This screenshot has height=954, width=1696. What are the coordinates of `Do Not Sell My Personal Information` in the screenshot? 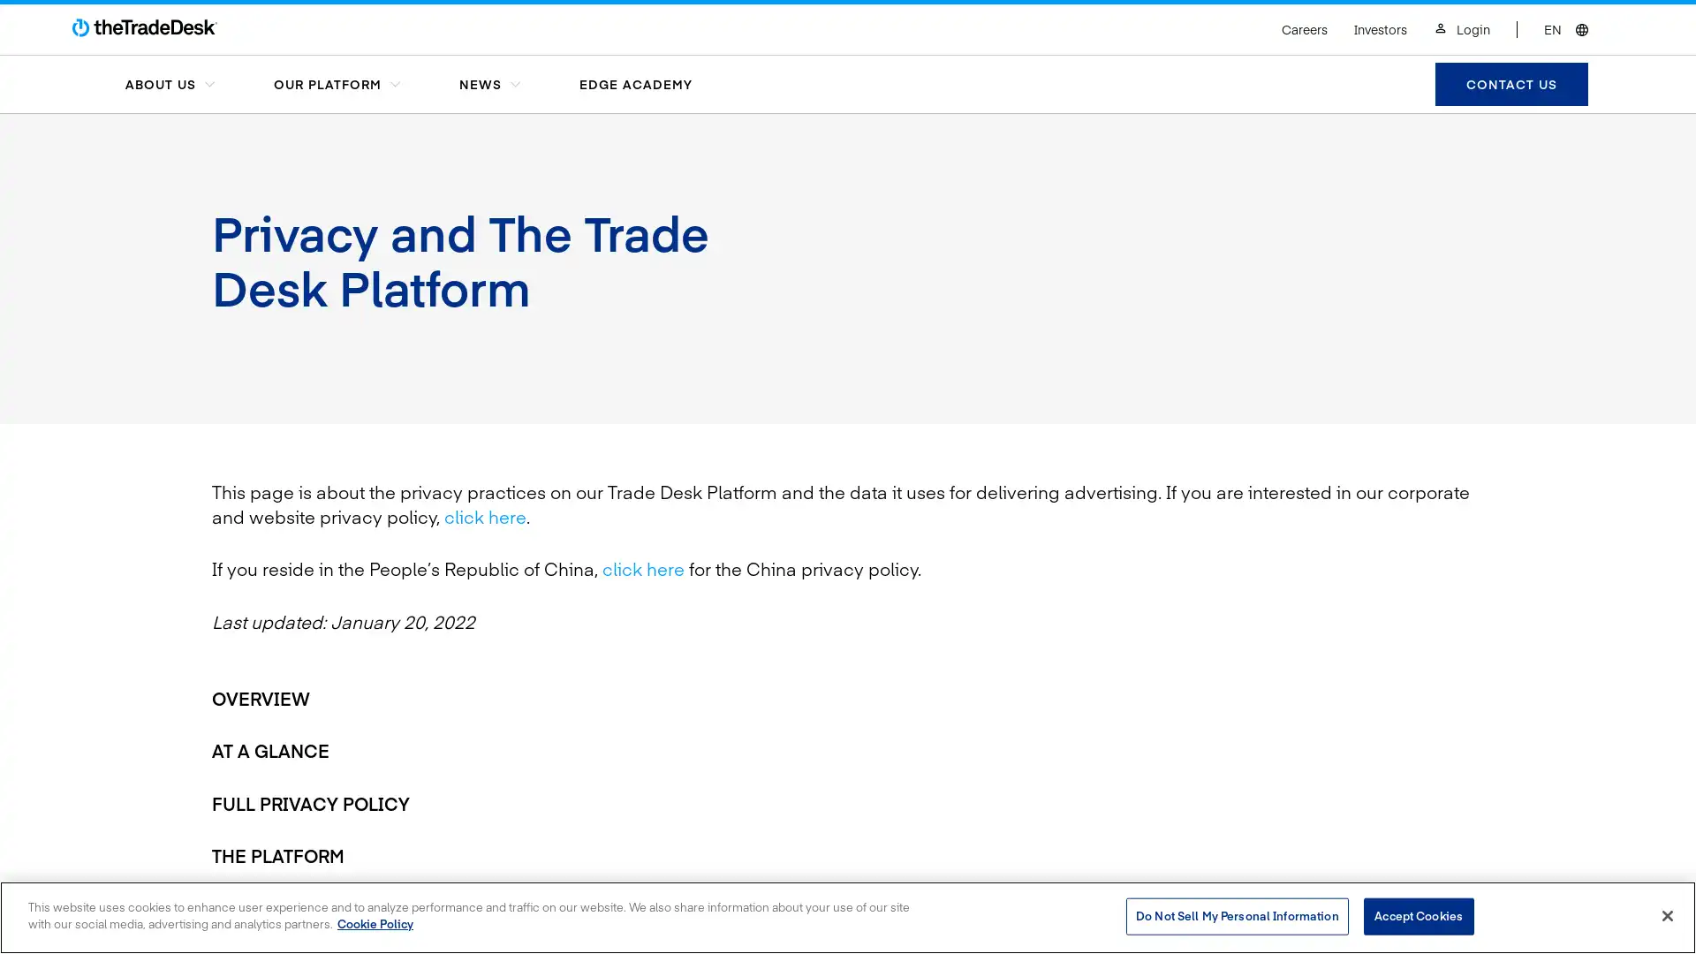 It's located at (1236, 915).